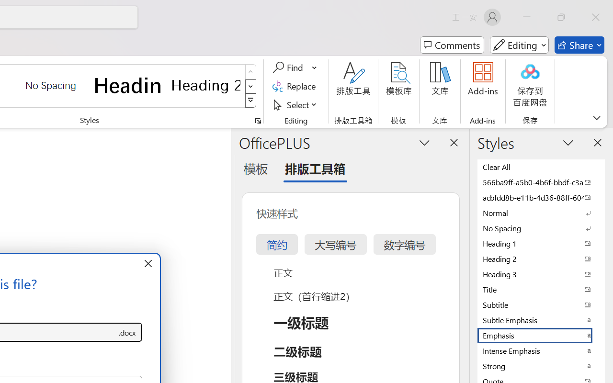 Image resolution: width=613 pixels, height=383 pixels. I want to click on 'Restore Down', so click(561, 17).